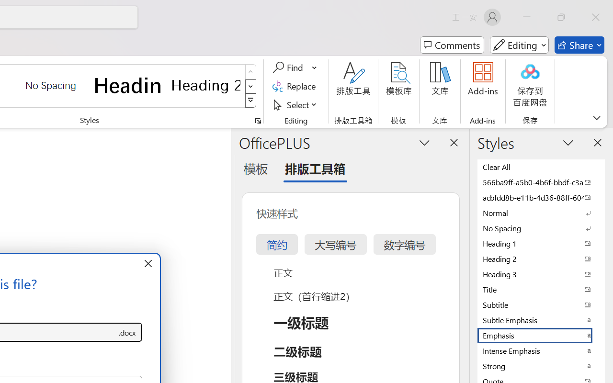 Image resolution: width=613 pixels, height=383 pixels. I want to click on 'Restore Down', so click(561, 17).